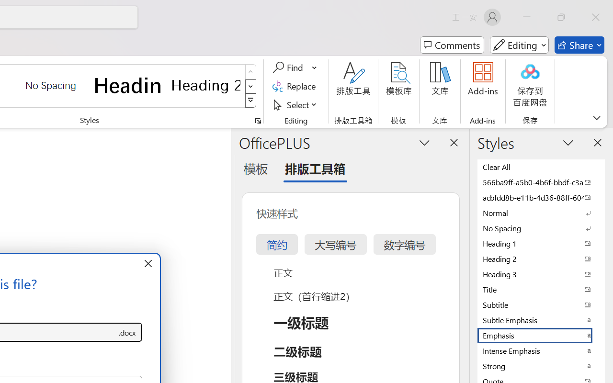 Image resolution: width=613 pixels, height=383 pixels. I want to click on 'Restore Down', so click(561, 17).